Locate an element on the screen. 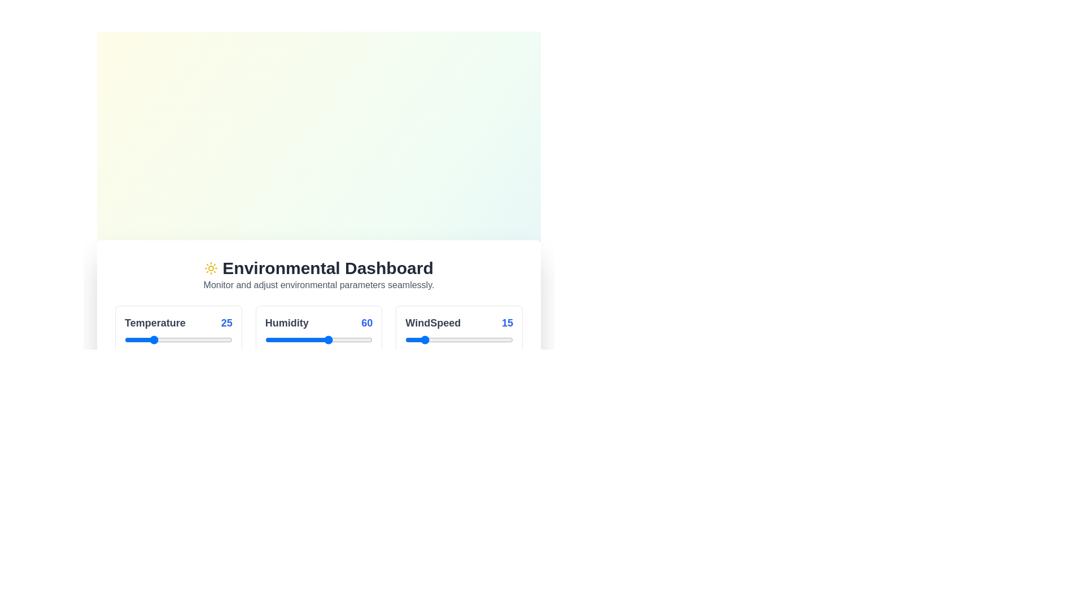 The height and width of the screenshot is (609, 1084). the Text label displaying the current wind speed value in the Environmental Dashboard section, which is aligned with temperature and humidity controls is located at coordinates (459, 323).